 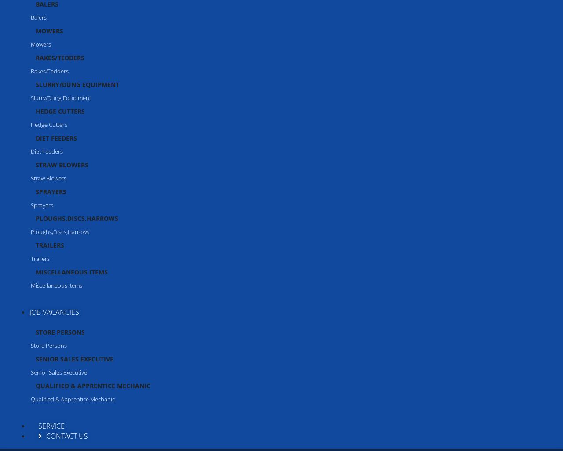 What do you see at coordinates (22, 31) in the screenshot?
I see `'€ 34  inc. VAT'` at bounding box center [22, 31].